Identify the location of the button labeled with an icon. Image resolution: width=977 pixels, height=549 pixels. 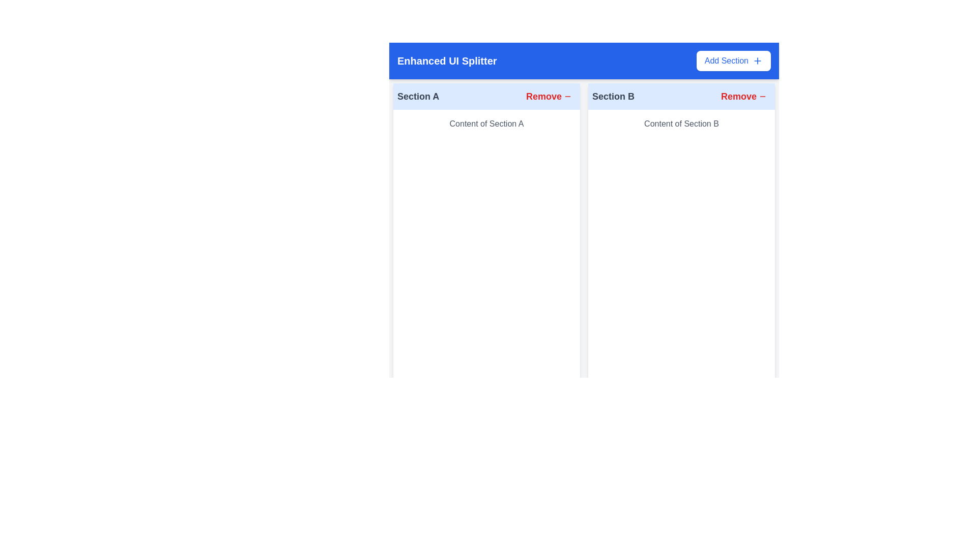
(549, 96).